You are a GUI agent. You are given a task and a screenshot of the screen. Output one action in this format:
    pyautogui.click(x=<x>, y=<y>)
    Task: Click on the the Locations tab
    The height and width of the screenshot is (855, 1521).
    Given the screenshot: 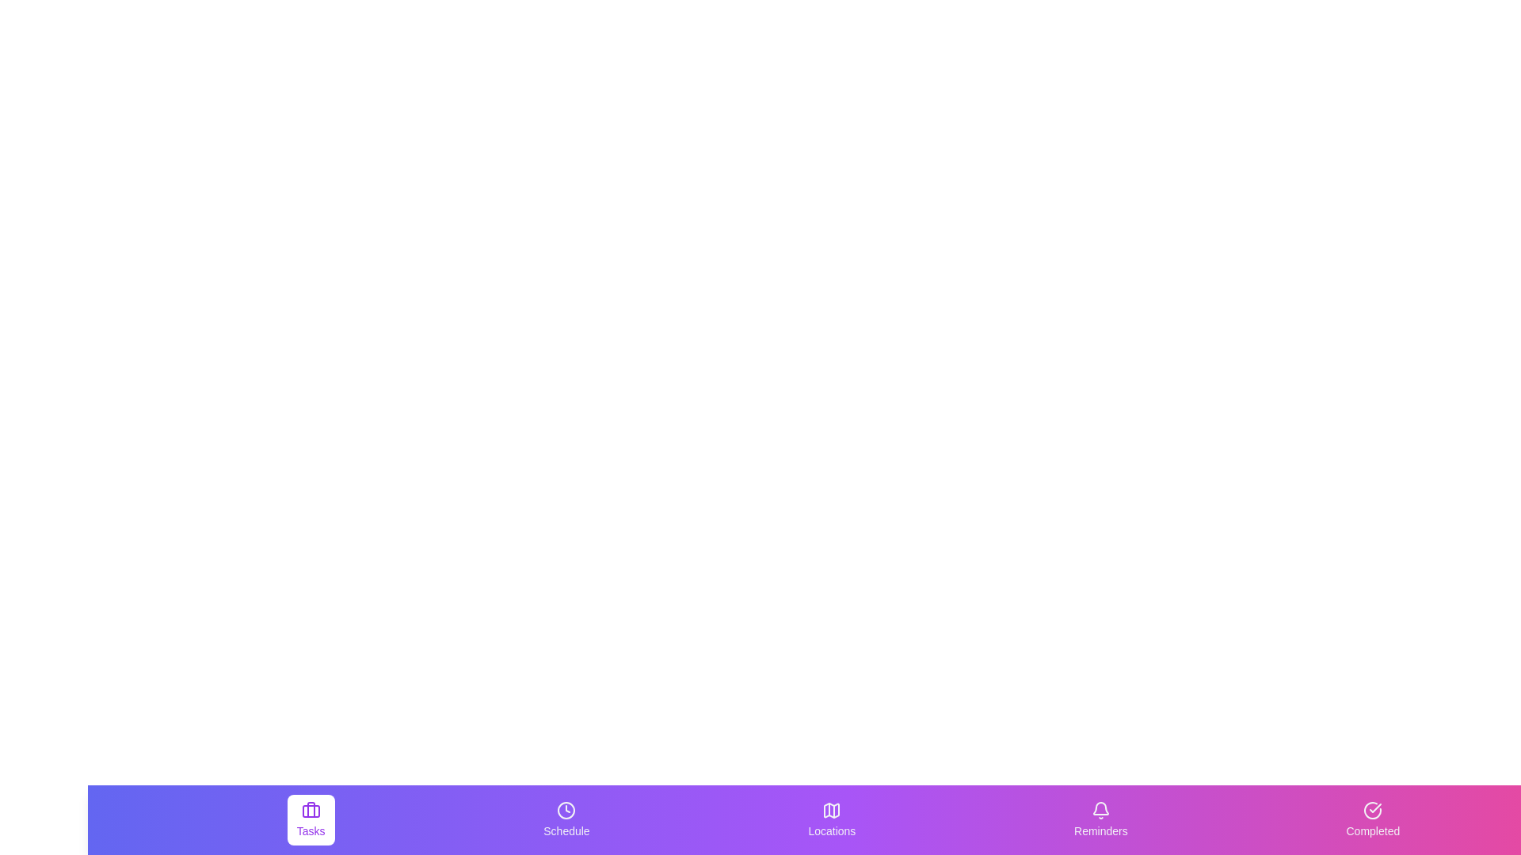 What is the action you would take?
    pyautogui.click(x=831, y=819)
    